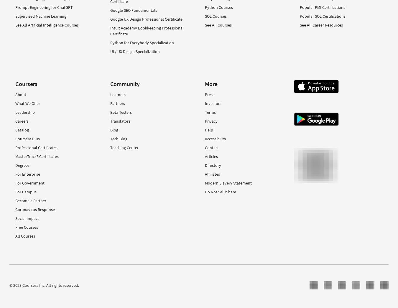 The width and height of the screenshot is (398, 308). I want to click on 'Coursera', so click(26, 83).